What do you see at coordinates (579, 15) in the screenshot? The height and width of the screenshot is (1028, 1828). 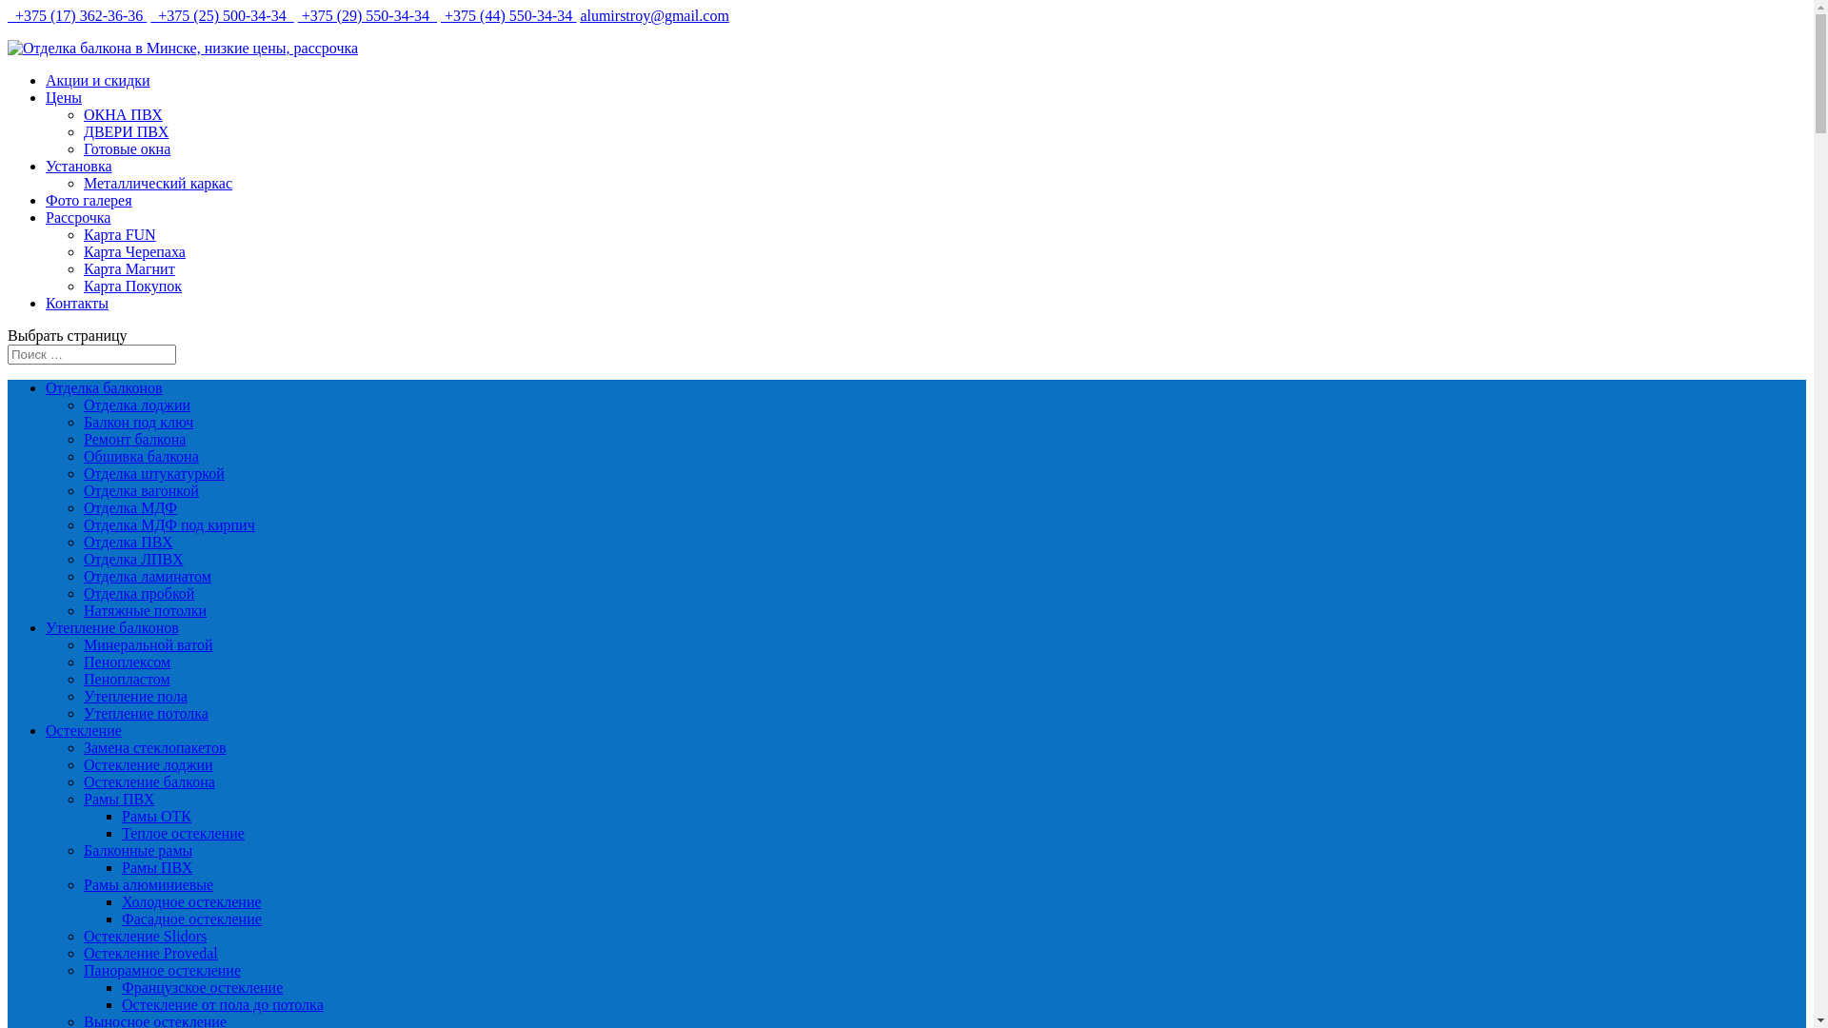 I see `'alumirstroy@gmail.com'` at bounding box center [579, 15].